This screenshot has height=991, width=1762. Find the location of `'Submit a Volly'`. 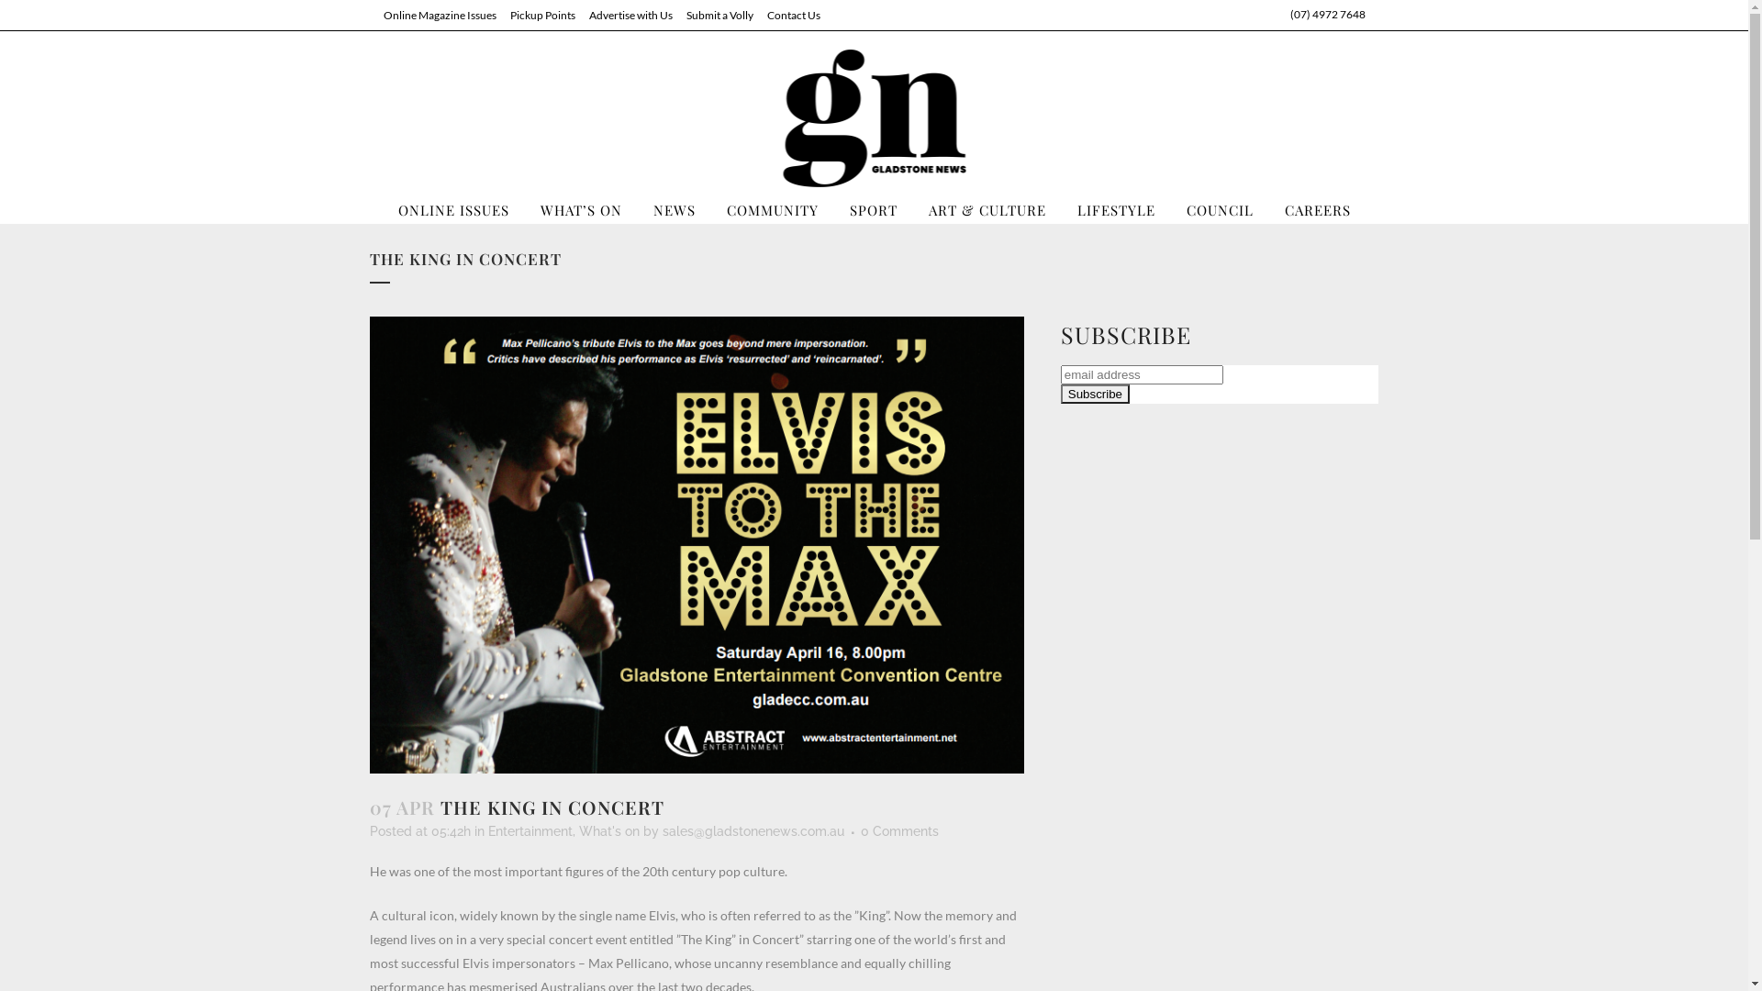

'Submit a Volly' is located at coordinates (711, 15).